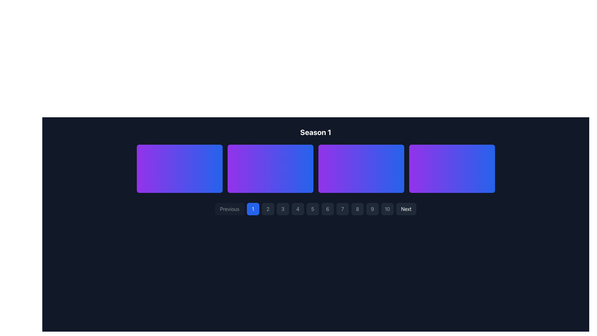  I want to click on the 'Previous' button, which is a rectangular button with rounded corners, located in the bottom navigation bar and styled with a dark gray background and white text, so click(229, 209).